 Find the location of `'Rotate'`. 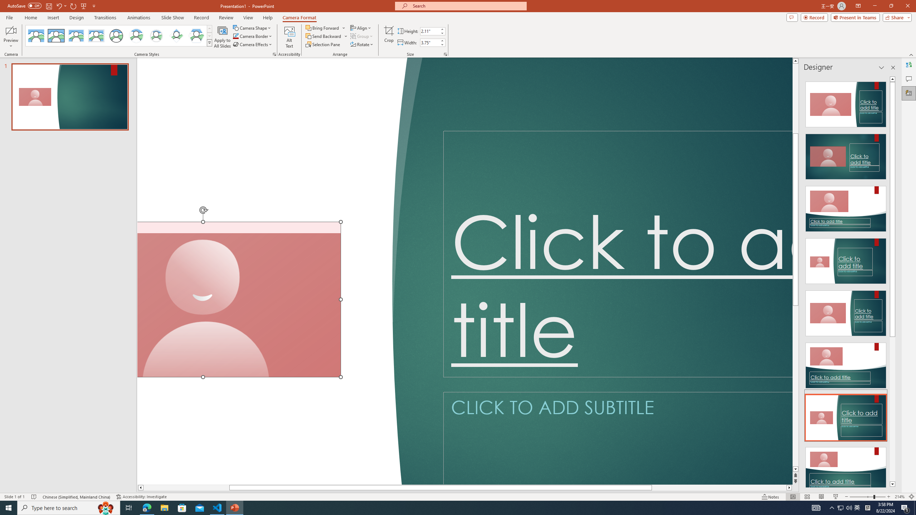

'Rotate' is located at coordinates (362, 44).